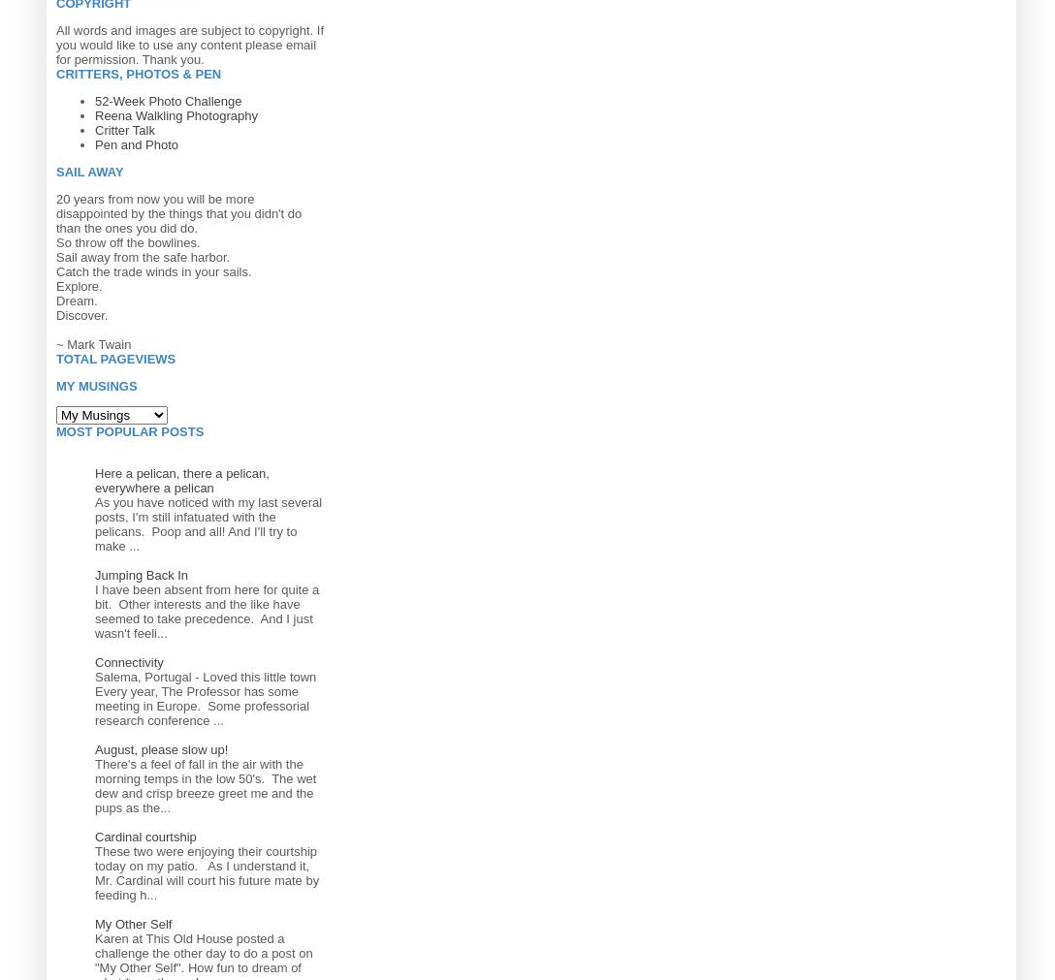 The width and height of the screenshot is (1055, 980). Describe the element at coordinates (130, 429) in the screenshot. I see `'Most Popular Posts'` at that location.